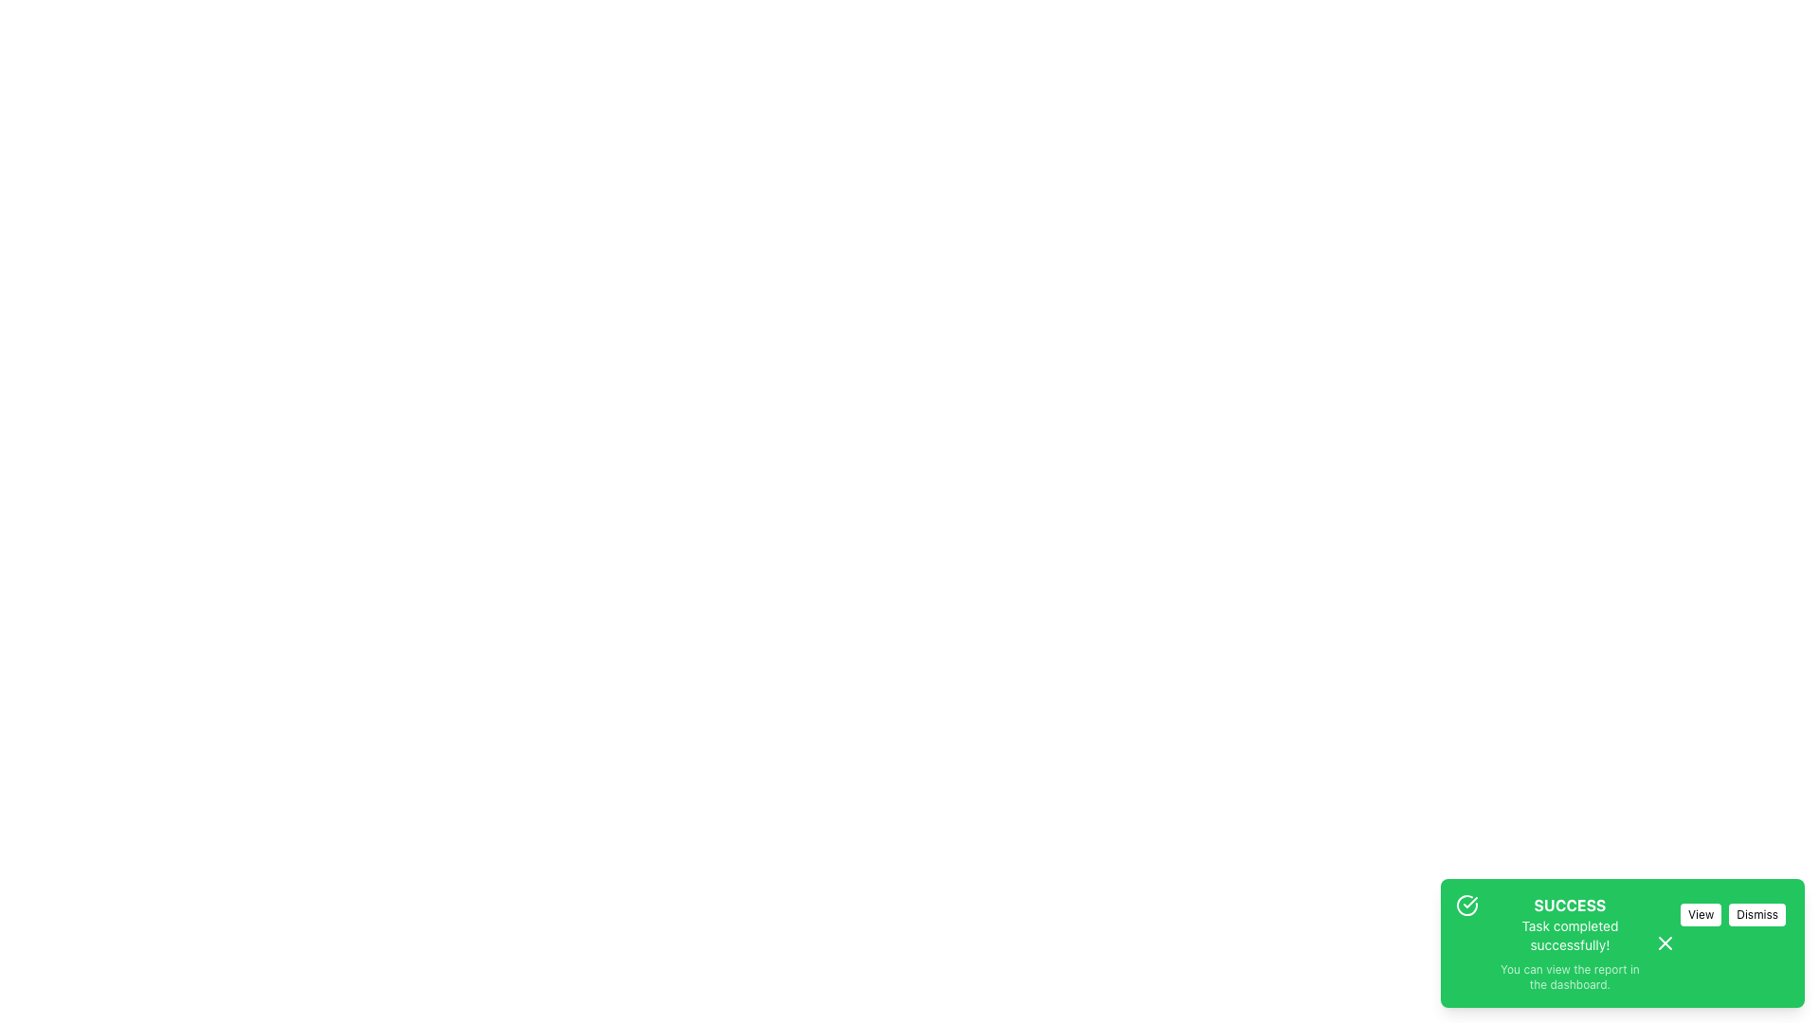 The height and width of the screenshot is (1023, 1820). Describe the element at coordinates (1664, 942) in the screenshot. I see `the close icon button located in the bottom-right corner of the green notification box that contains the text 'SUCCESS Task completed successfully!'` at that location.